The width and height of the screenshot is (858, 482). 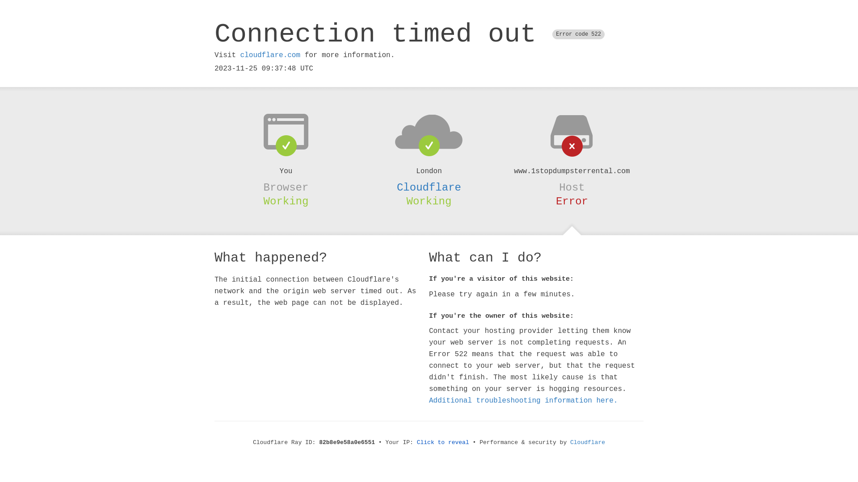 What do you see at coordinates (588, 442) in the screenshot?
I see `'Cloudflare'` at bounding box center [588, 442].